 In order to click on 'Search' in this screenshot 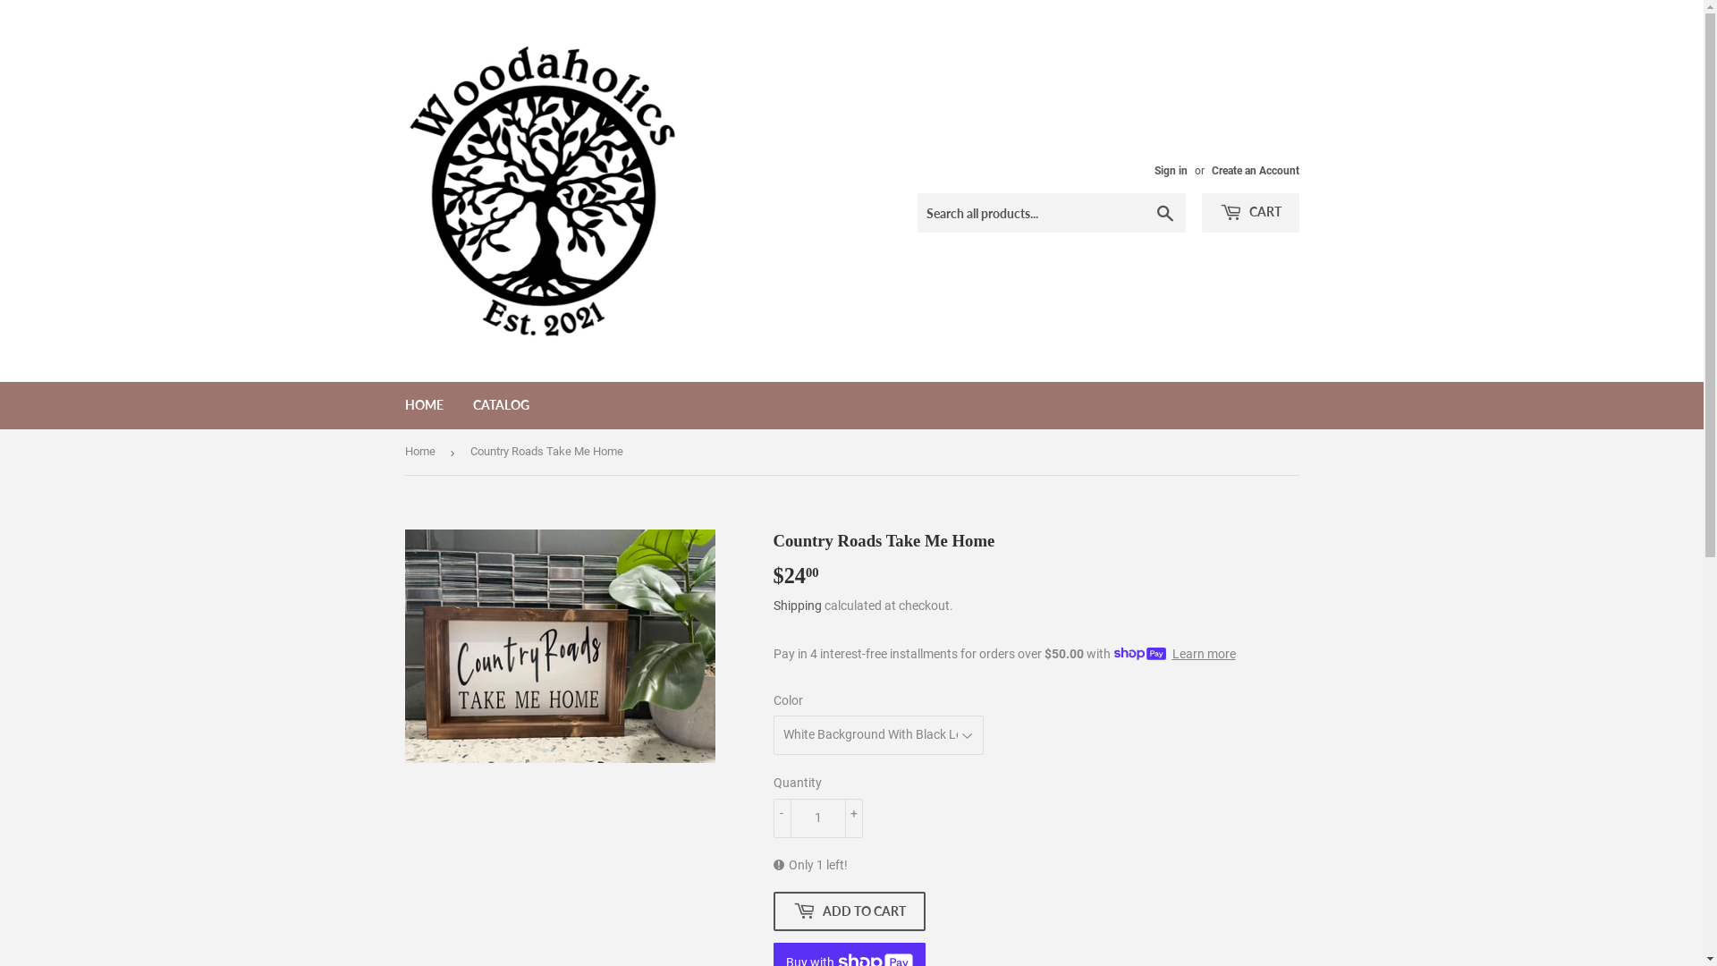, I will do `click(1164, 213)`.